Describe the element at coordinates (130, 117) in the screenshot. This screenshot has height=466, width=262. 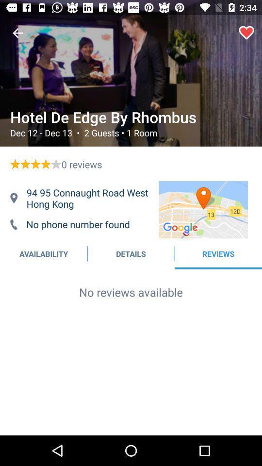
I see `the text hotel de edge by rhombus` at that location.